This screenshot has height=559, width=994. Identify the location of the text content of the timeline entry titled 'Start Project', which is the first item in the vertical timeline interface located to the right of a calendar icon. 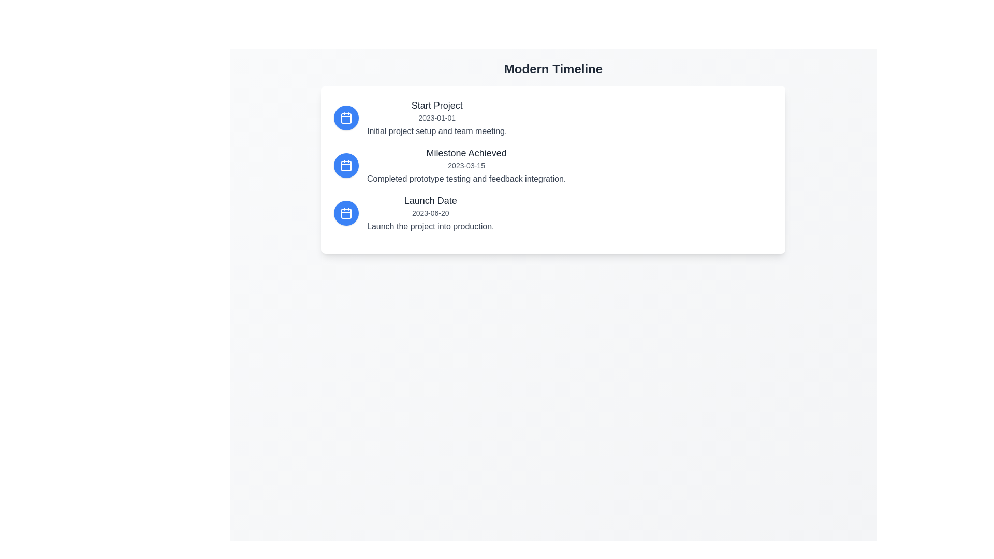
(437, 117).